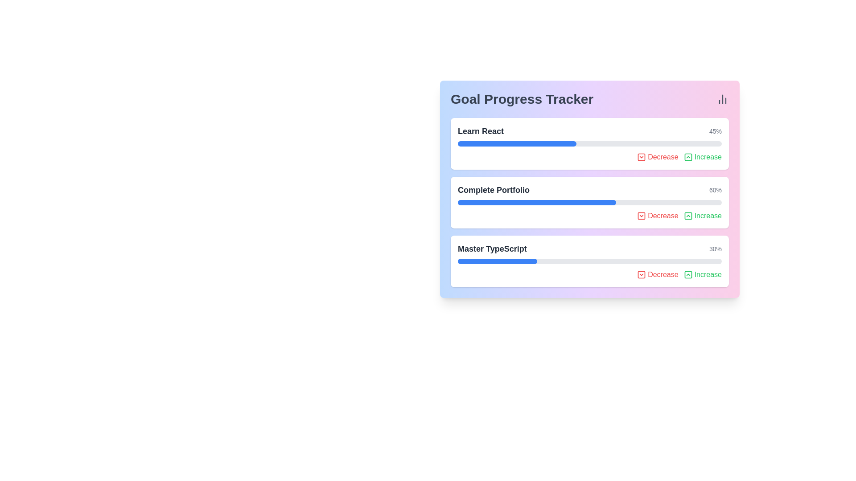 This screenshot has width=856, height=481. I want to click on the static textual element that shows the numerical progress indicator, located at the bottom row of the vertically aligned list within the card-like component, to the far right of the row labeled 'Master TypeScript.', so click(715, 249).